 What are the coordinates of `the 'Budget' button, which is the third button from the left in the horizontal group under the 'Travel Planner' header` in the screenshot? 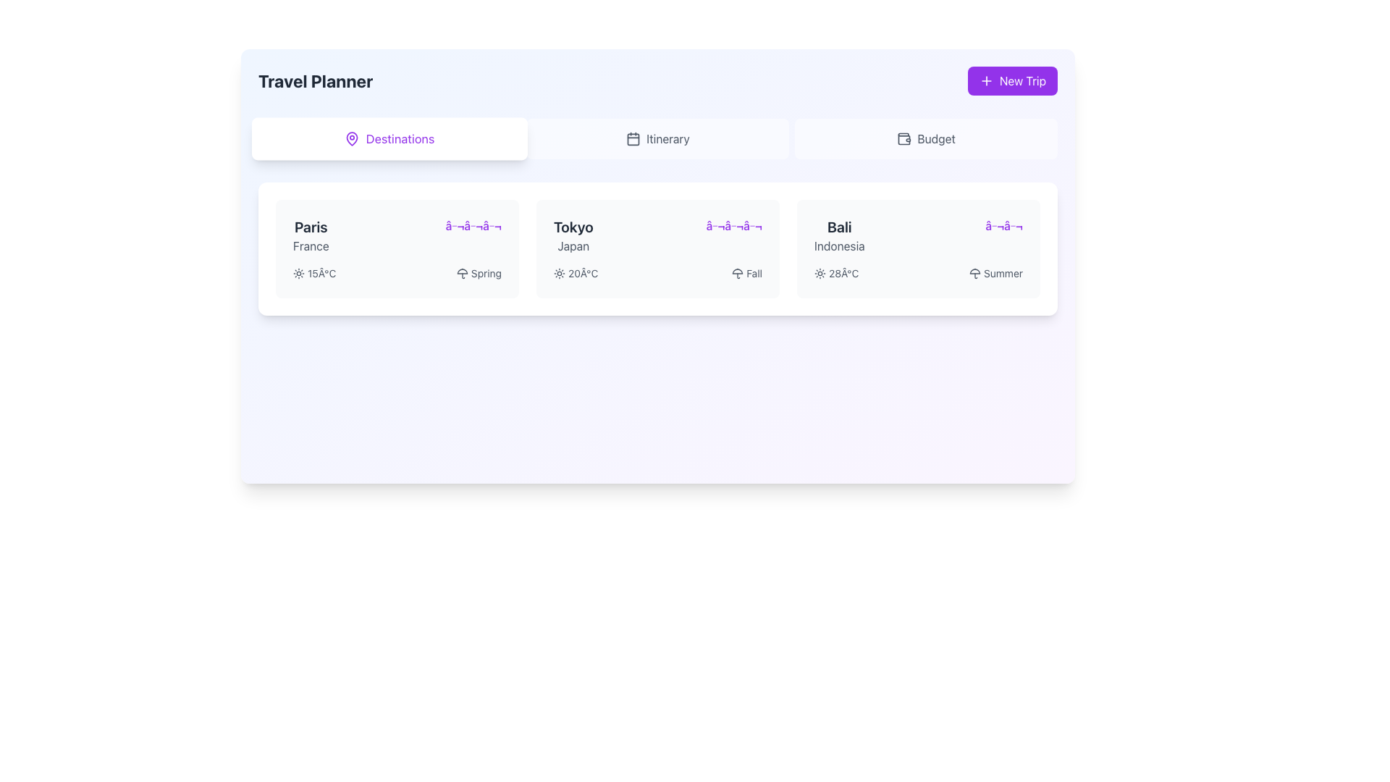 It's located at (925, 139).